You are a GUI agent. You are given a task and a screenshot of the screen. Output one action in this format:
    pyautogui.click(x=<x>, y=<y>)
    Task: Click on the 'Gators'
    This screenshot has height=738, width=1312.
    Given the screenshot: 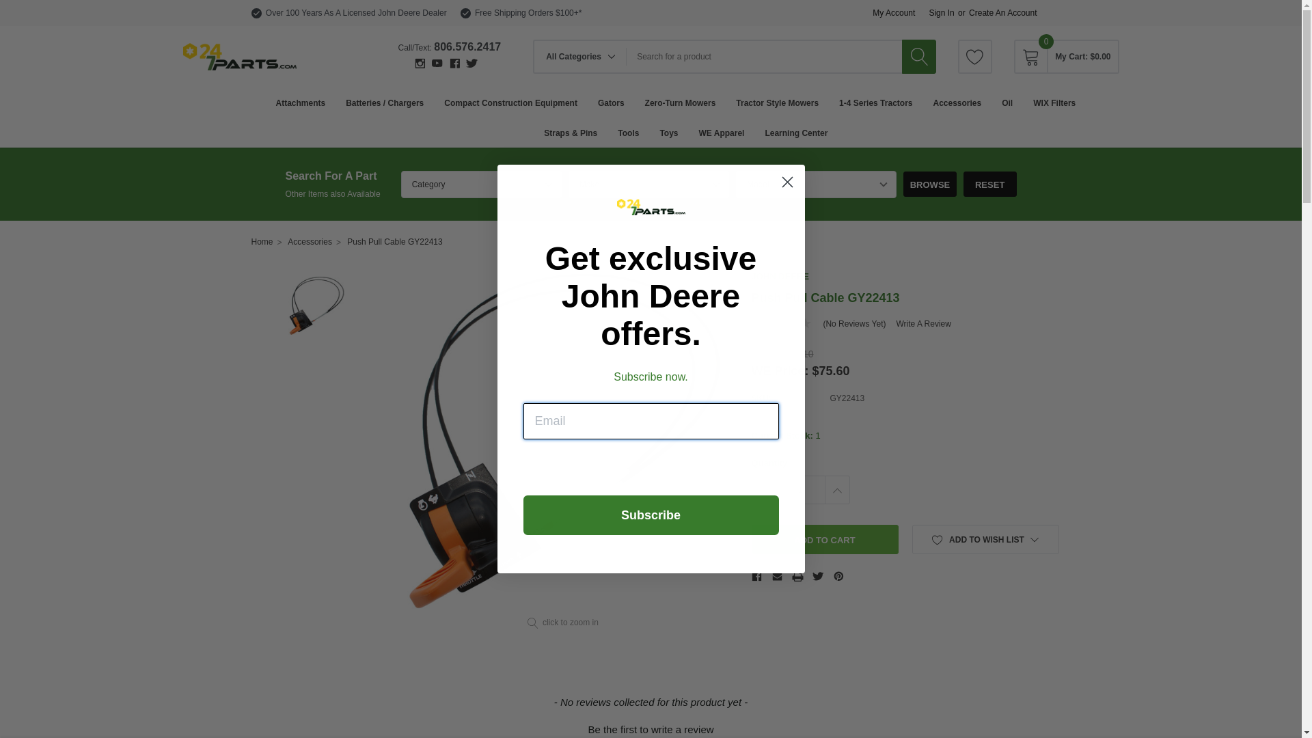 What is the action you would take?
    pyautogui.click(x=610, y=102)
    